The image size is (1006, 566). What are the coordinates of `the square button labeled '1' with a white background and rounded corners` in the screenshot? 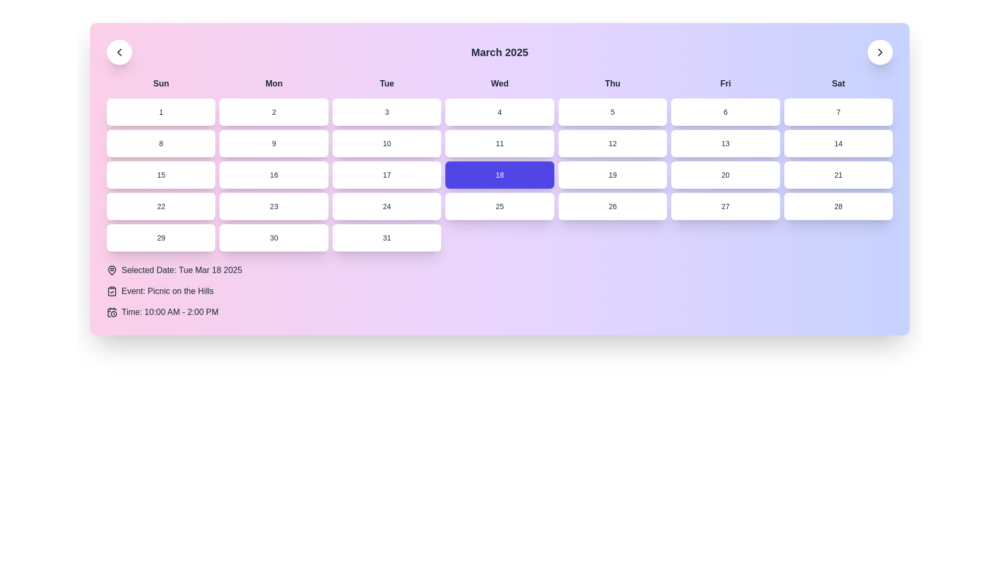 It's located at (160, 112).